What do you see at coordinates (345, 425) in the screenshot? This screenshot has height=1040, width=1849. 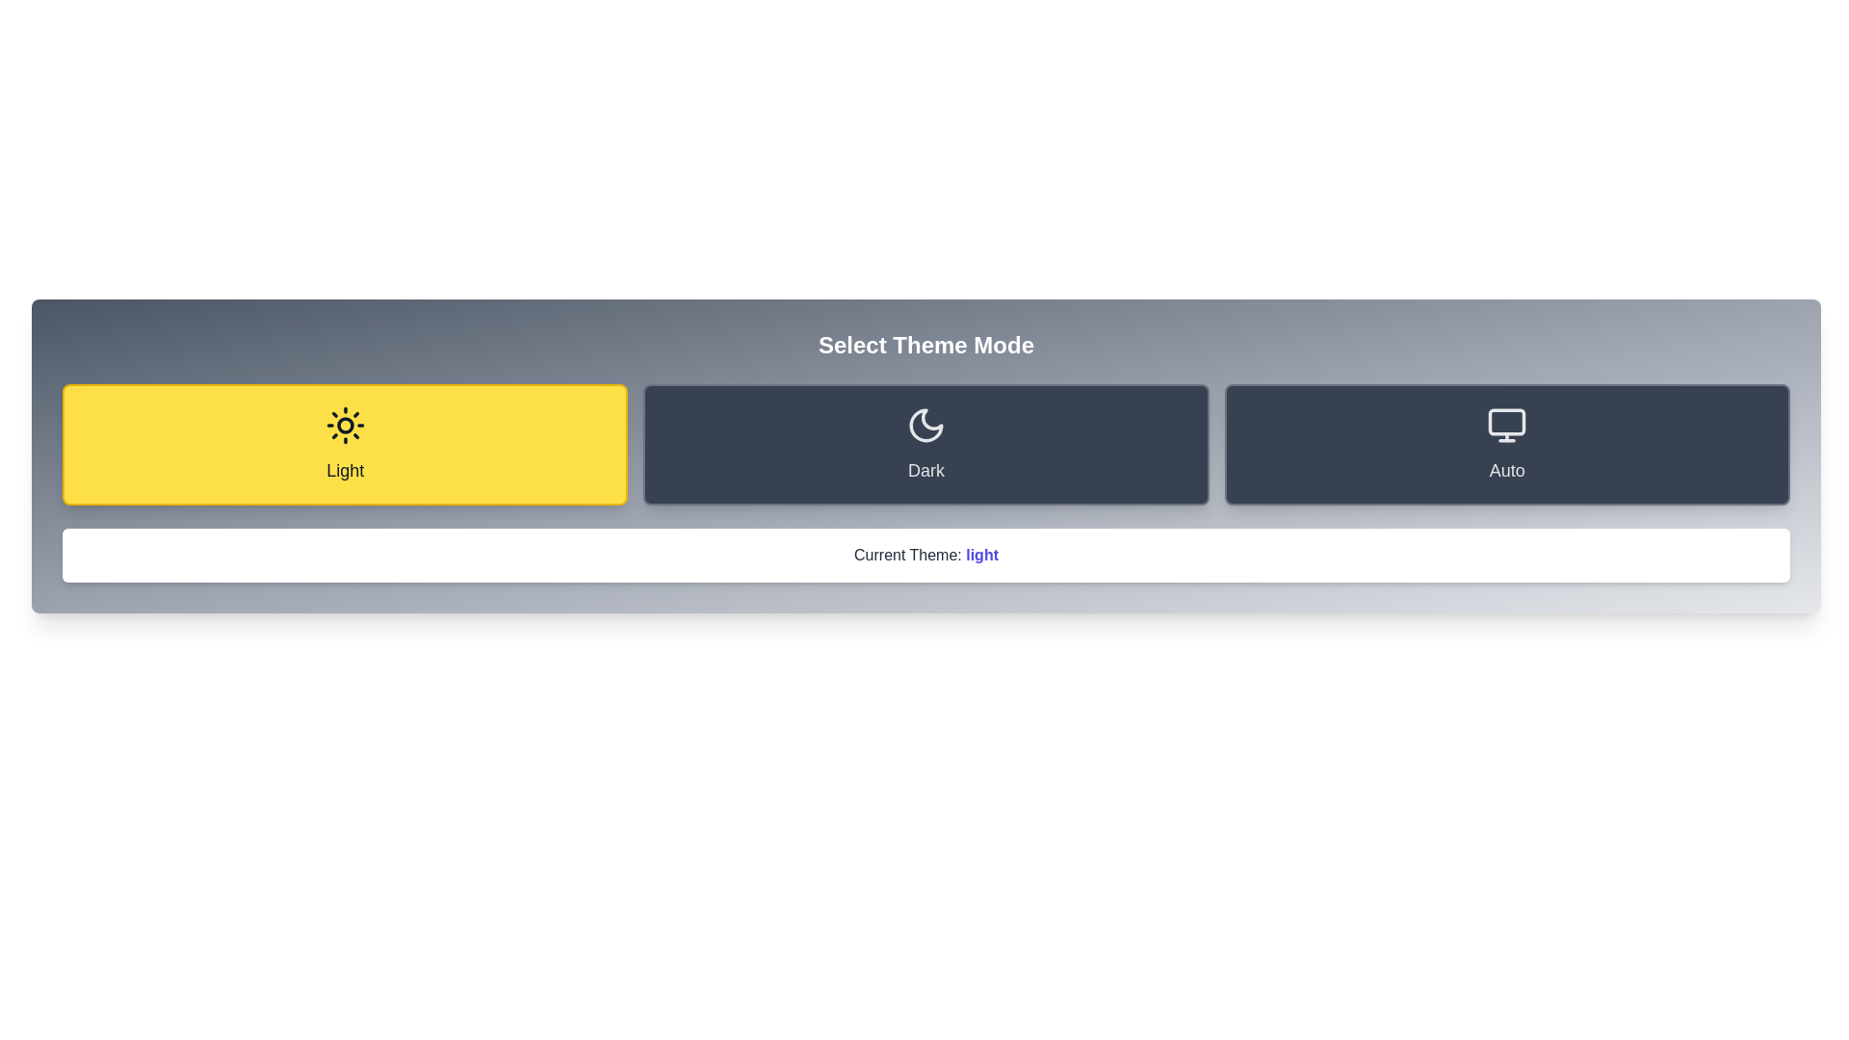 I see `the filled circle at the center of the sun icon within the 'Light' button, which is part of a light/dark theme selection interface` at bounding box center [345, 425].